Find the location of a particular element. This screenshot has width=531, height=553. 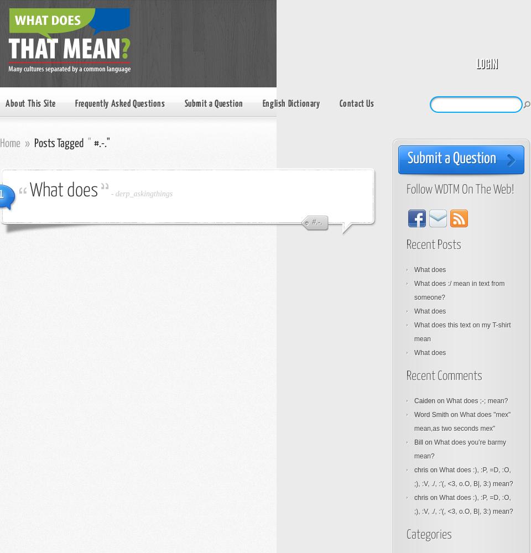

'#.-.' is located at coordinates (312, 222).